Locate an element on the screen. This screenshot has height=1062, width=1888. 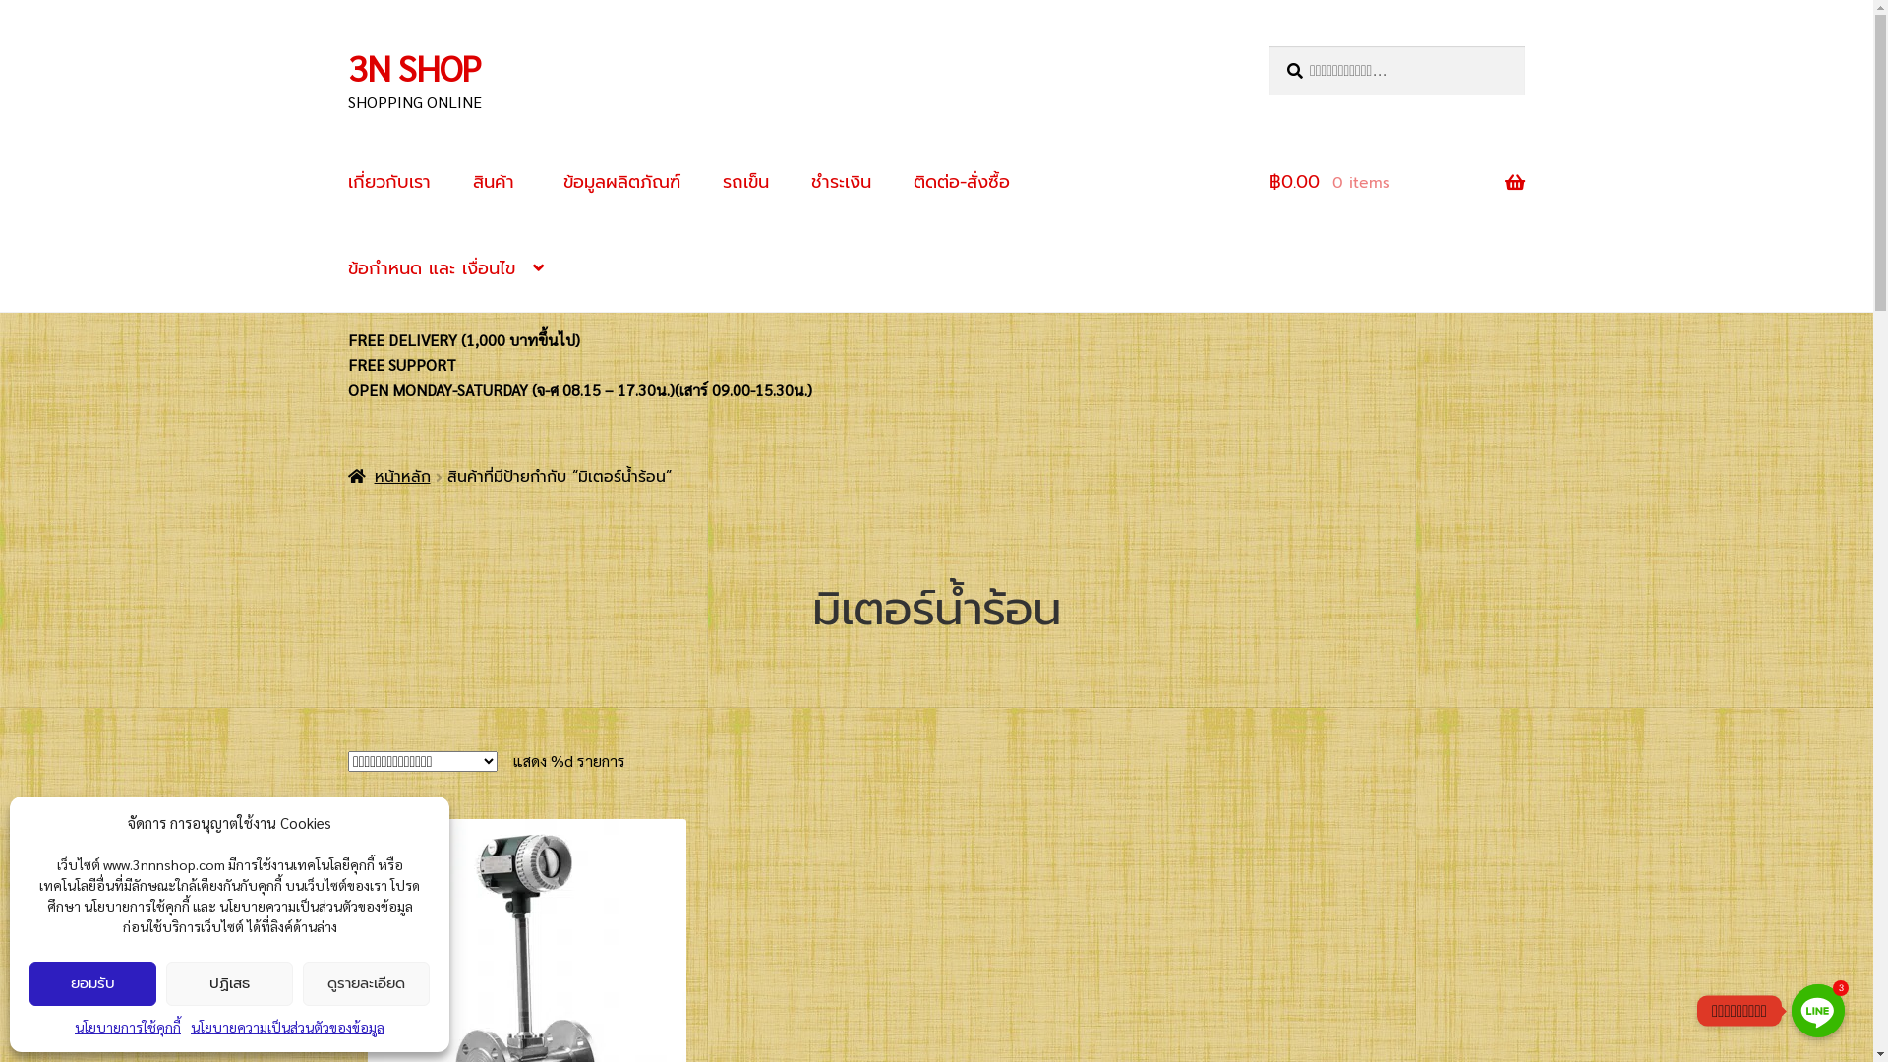
'3N SHOP' is located at coordinates (348, 66).